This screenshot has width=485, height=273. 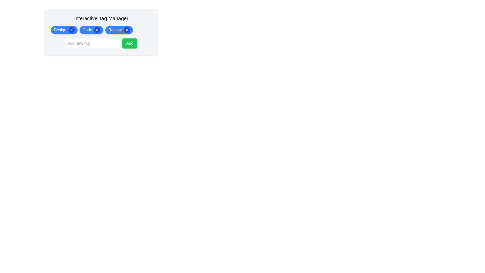 What do you see at coordinates (130, 43) in the screenshot?
I see `the 'Add' button, which is a rectangular button with rounded corners, bright green background, and white text, located to the right of a text input field in the 'Interactive Tag Manager' layout` at bounding box center [130, 43].